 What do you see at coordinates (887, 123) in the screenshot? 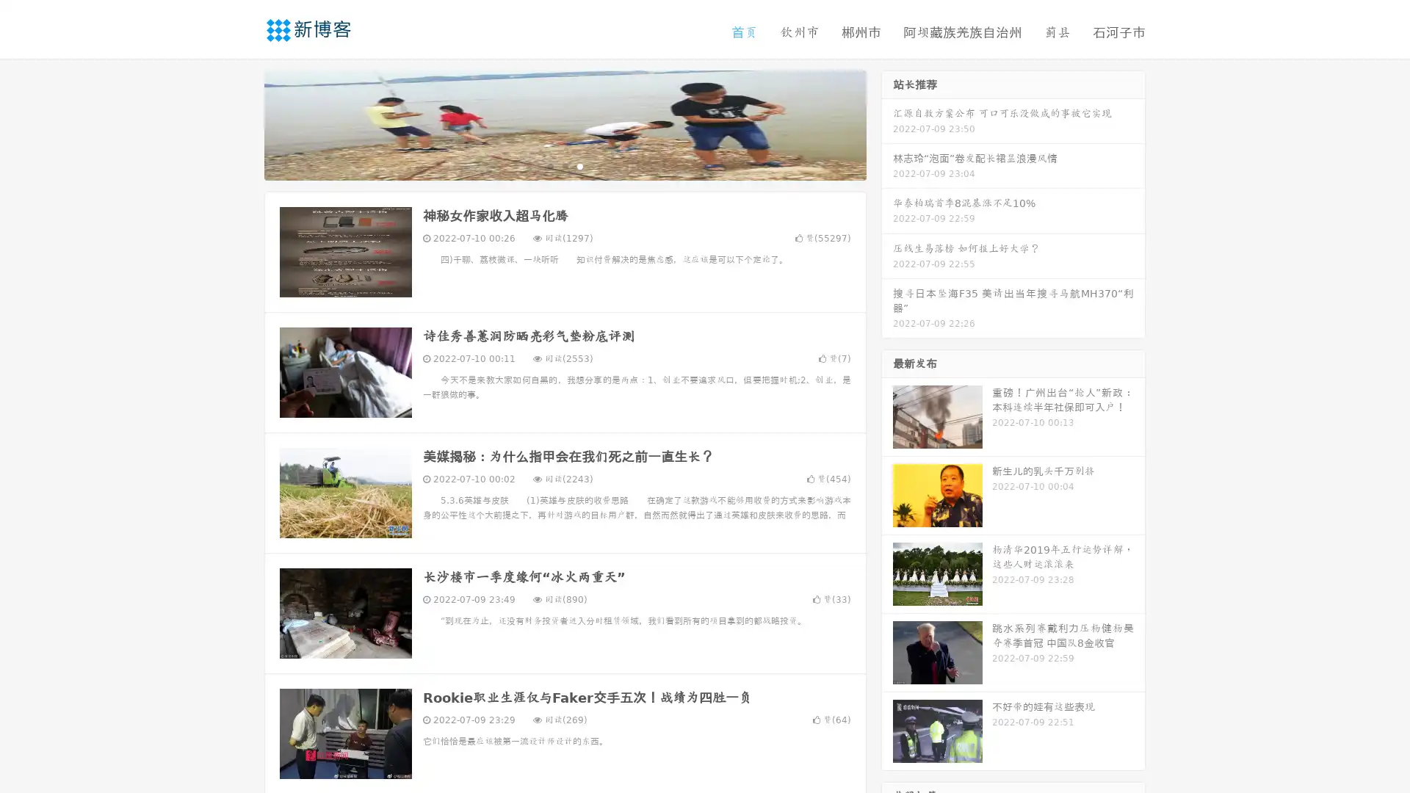
I see `Next slide` at bounding box center [887, 123].